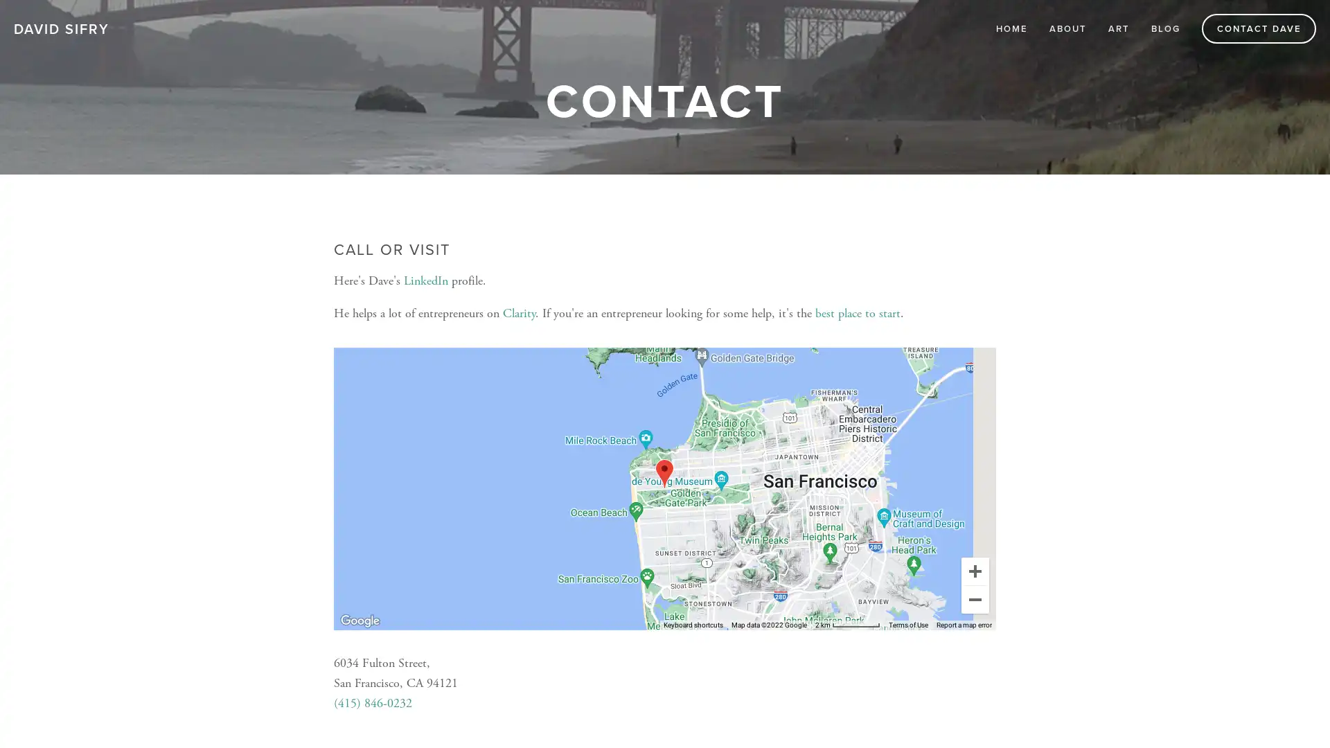 The image size is (1330, 748). What do you see at coordinates (664, 472) in the screenshot?
I see `6034 Fulton Street San Francisco, CA, 94121, United States` at bounding box center [664, 472].